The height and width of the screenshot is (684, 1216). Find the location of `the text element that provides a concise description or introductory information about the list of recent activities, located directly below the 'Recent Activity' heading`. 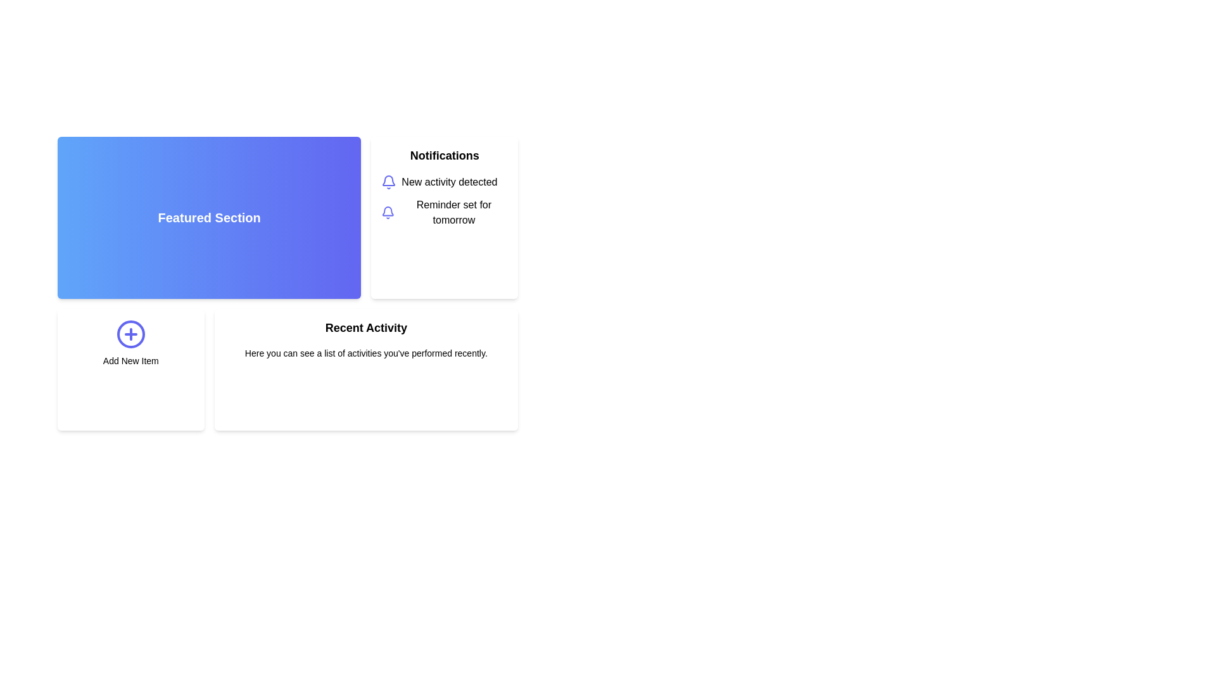

the text element that provides a concise description or introductory information about the list of recent activities, located directly below the 'Recent Activity' heading is located at coordinates (365, 353).